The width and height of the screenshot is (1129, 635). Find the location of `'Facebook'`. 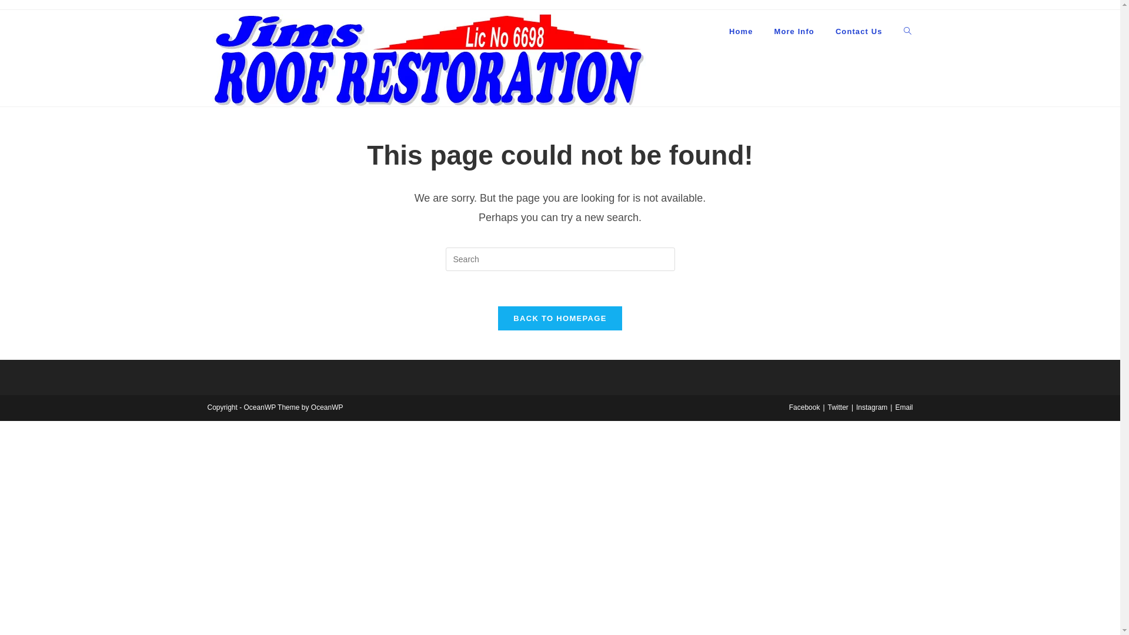

'Facebook' is located at coordinates (804, 407).